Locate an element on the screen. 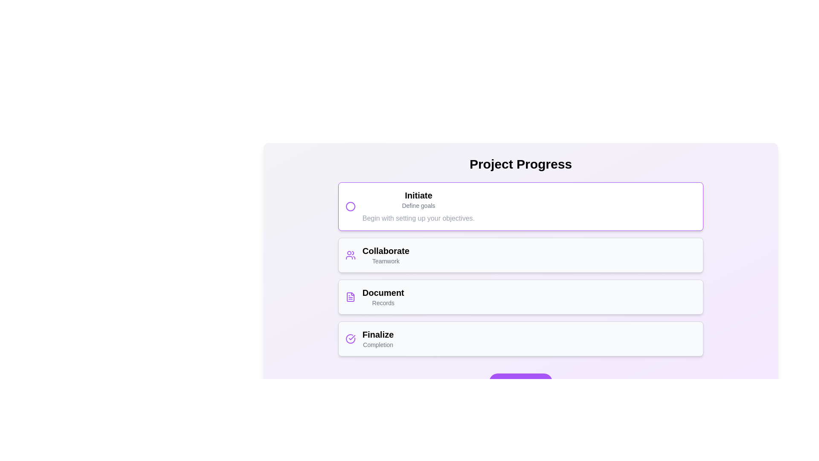 This screenshot has width=819, height=461. the icon shaped like a group of people with a purple stroke, located in the 'Collaborate' section of the interface is located at coordinates (350, 254).